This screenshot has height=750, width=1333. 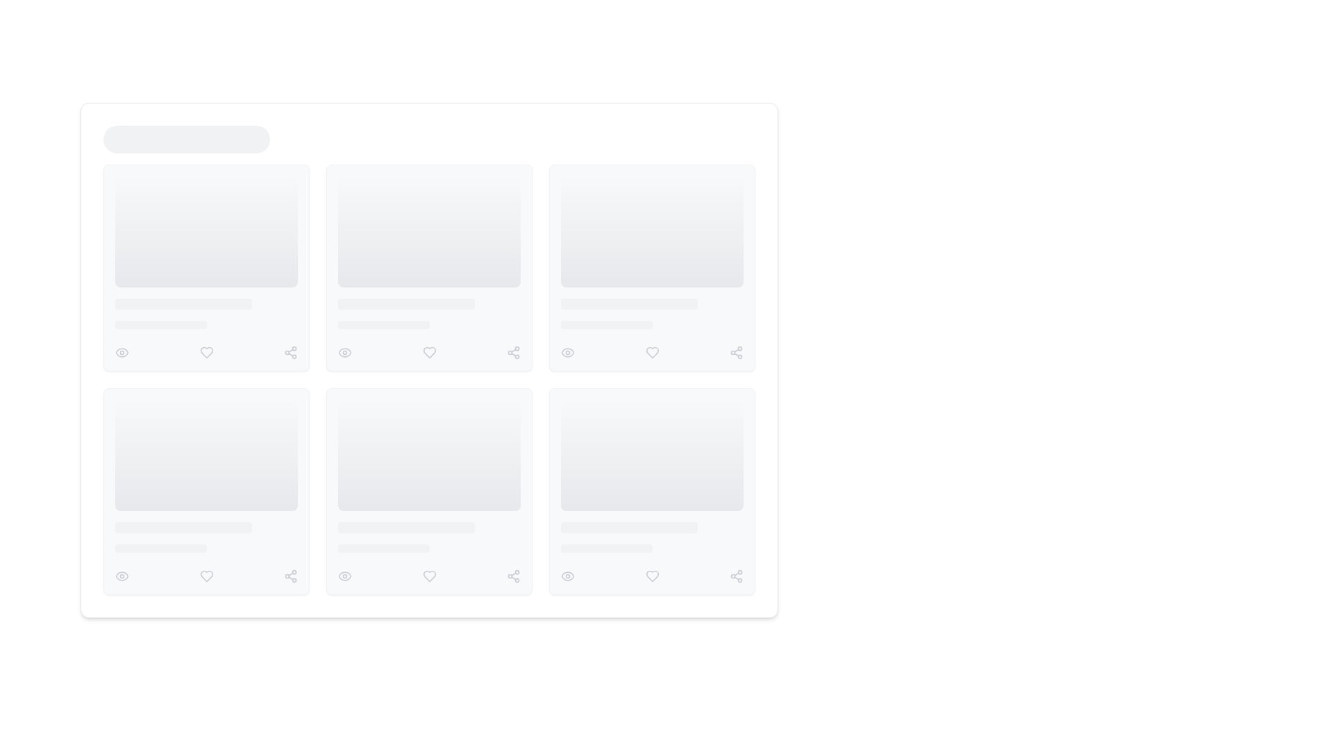 What do you see at coordinates (567, 576) in the screenshot?
I see `the eye icon located in the bottom-right corner of the grid card` at bounding box center [567, 576].